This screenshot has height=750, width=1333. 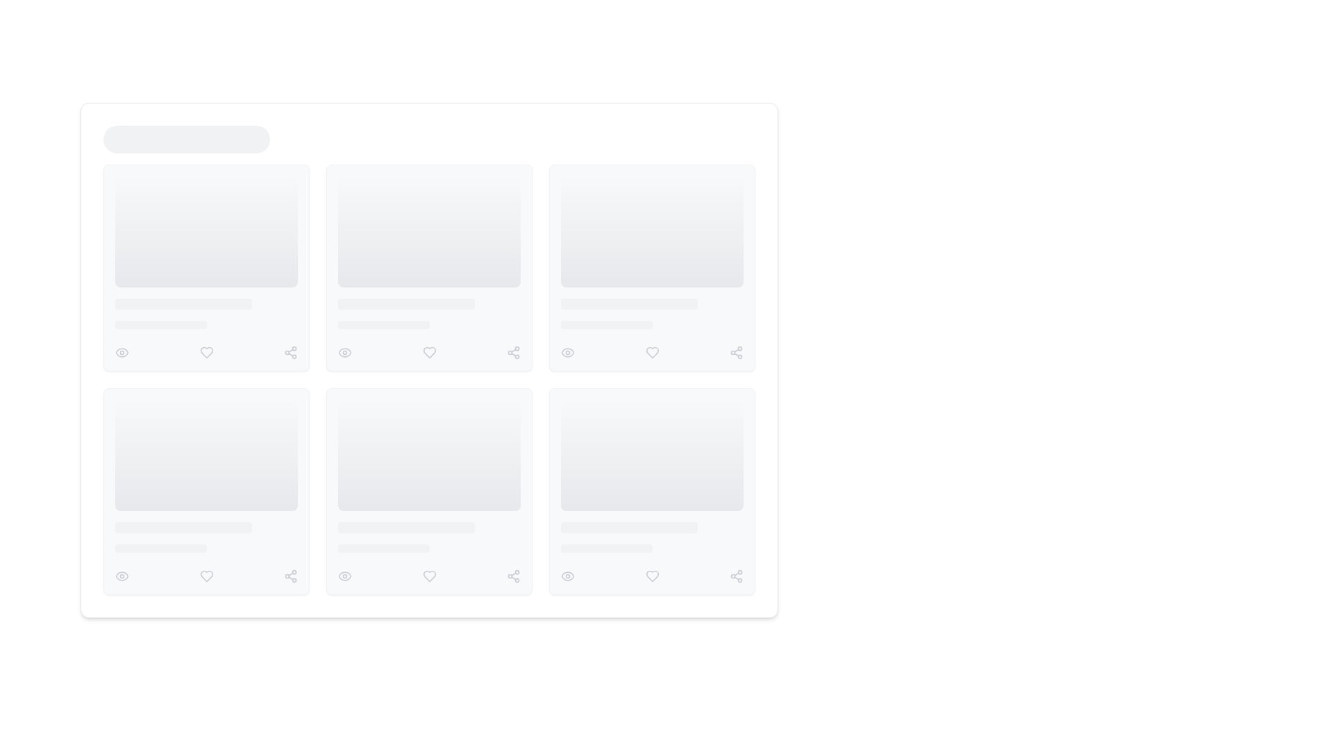 What do you see at coordinates (567, 576) in the screenshot?
I see `the eye icon located in the bottom-right corner of the grid card` at bounding box center [567, 576].